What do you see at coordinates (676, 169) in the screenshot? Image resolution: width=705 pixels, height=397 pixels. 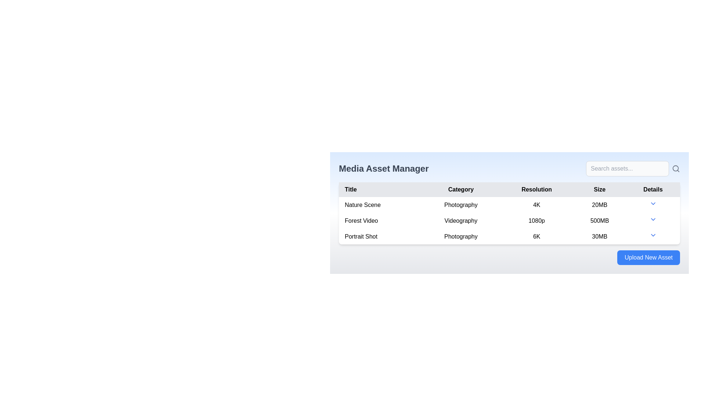 I see `the small circular magnifying glass icon, outlined in gray, located at the far right edge of the search bar` at bounding box center [676, 169].